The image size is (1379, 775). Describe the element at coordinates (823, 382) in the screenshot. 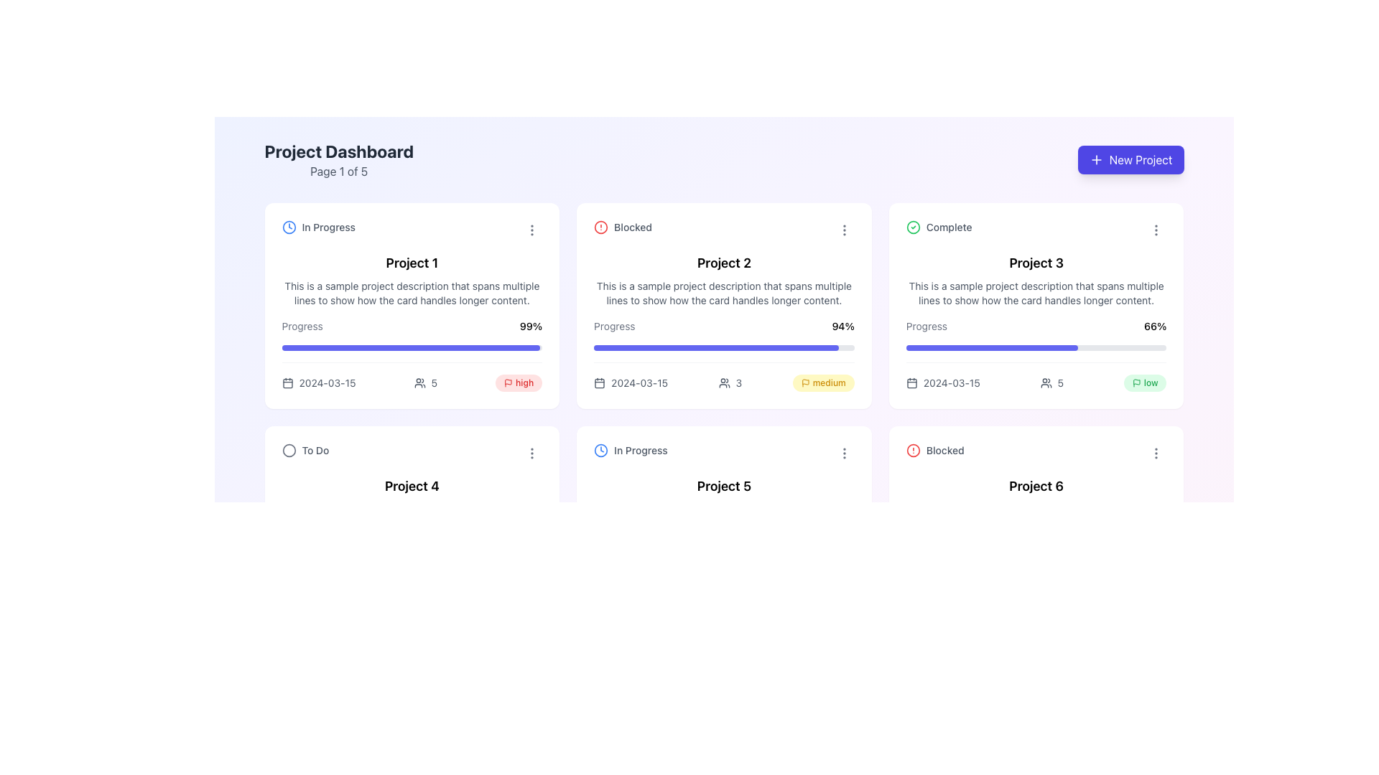

I see `the pill-shaped badge with a yellow background and the text 'medium', located at the bottom-right of the 'Project 2' card on the dashboard` at that location.